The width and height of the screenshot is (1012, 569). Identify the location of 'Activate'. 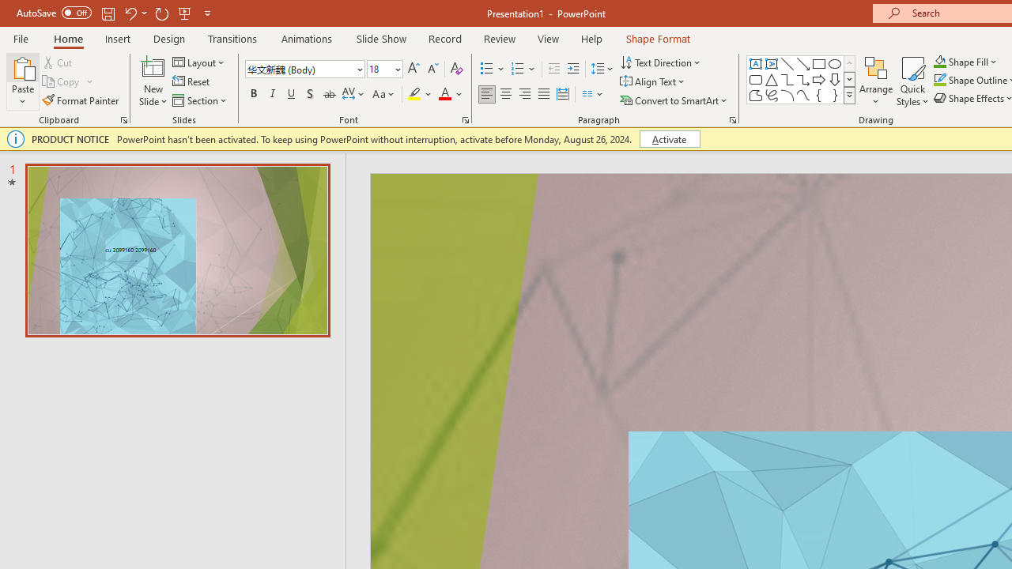
(670, 138).